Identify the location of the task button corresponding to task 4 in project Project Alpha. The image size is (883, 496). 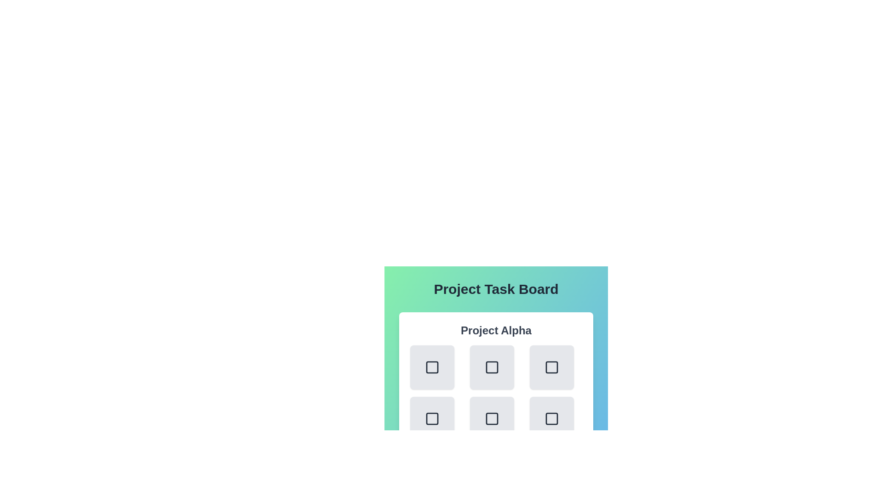
(492, 418).